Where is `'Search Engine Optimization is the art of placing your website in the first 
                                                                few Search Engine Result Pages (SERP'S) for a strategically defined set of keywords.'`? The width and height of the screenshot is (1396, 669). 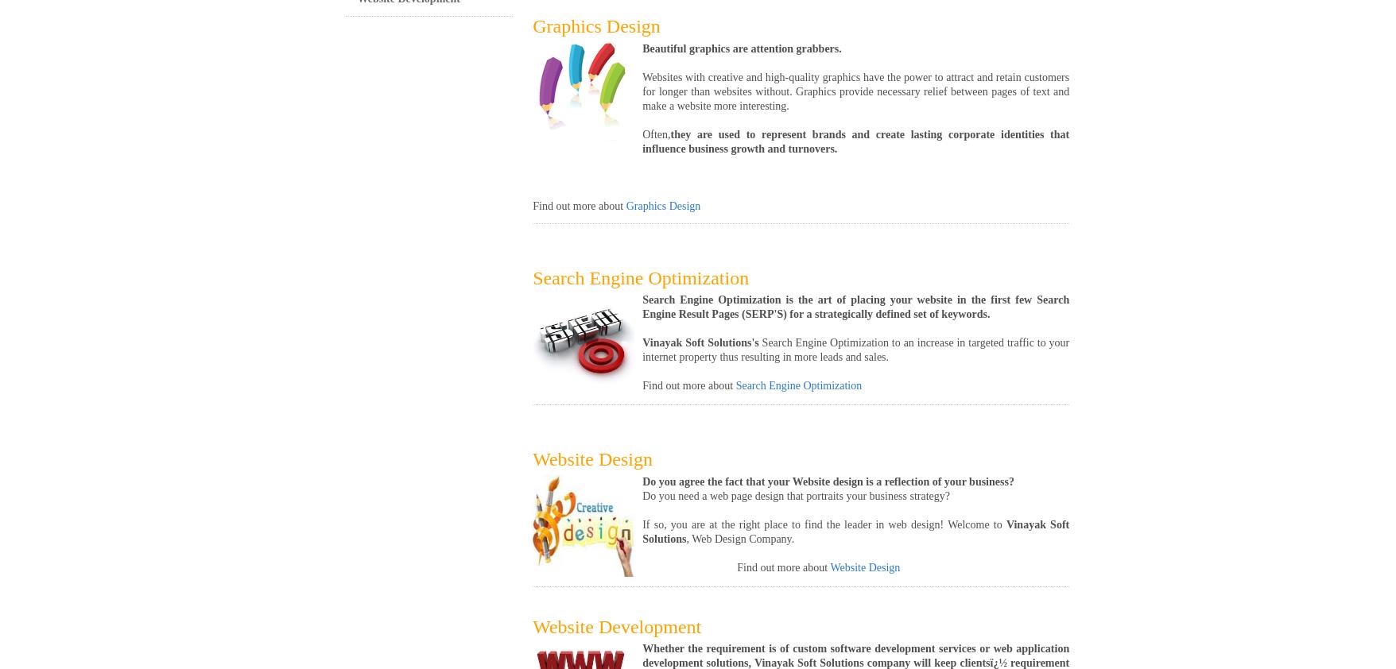
'Search Engine Optimization is the art of placing your website in the first 
                                                                few Search Engine Result Pages (SERP'S) for a strategically defined set of keywords.' is located at coordinates (641, 307).